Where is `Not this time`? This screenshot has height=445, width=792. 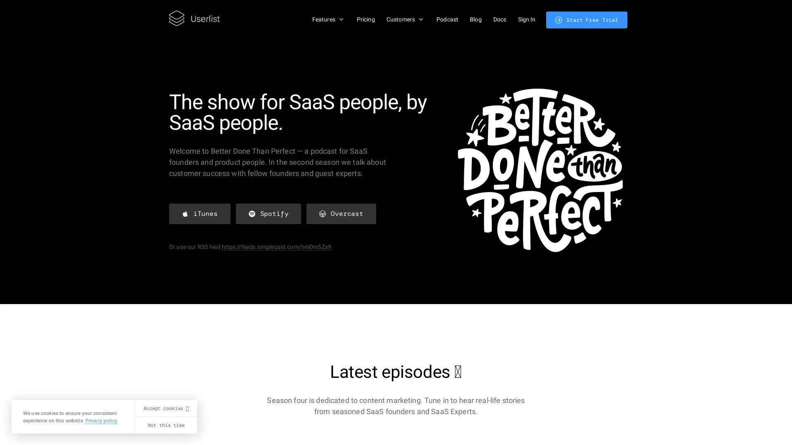
Not this time is located at coordinates (165, 425).